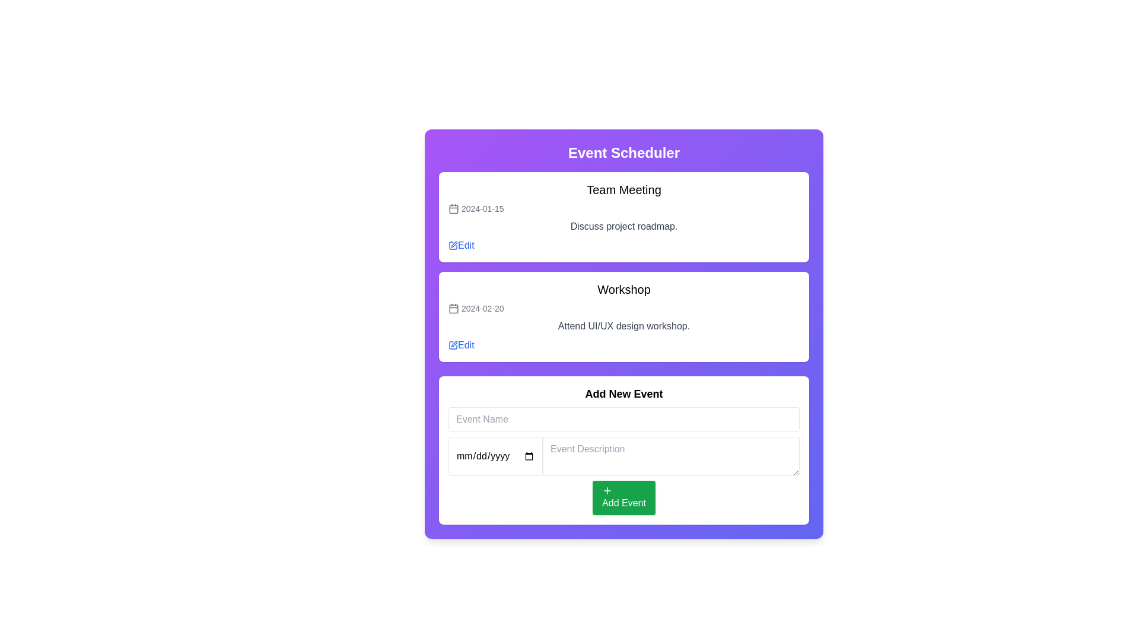 The width and height of the screenshot is (1139, 641). I want to click on the title text label of the event in the event scheduler interface, which is positioned above the date '2024-01-15' and adjacent to an 'Edit' link, so click(623, 189).